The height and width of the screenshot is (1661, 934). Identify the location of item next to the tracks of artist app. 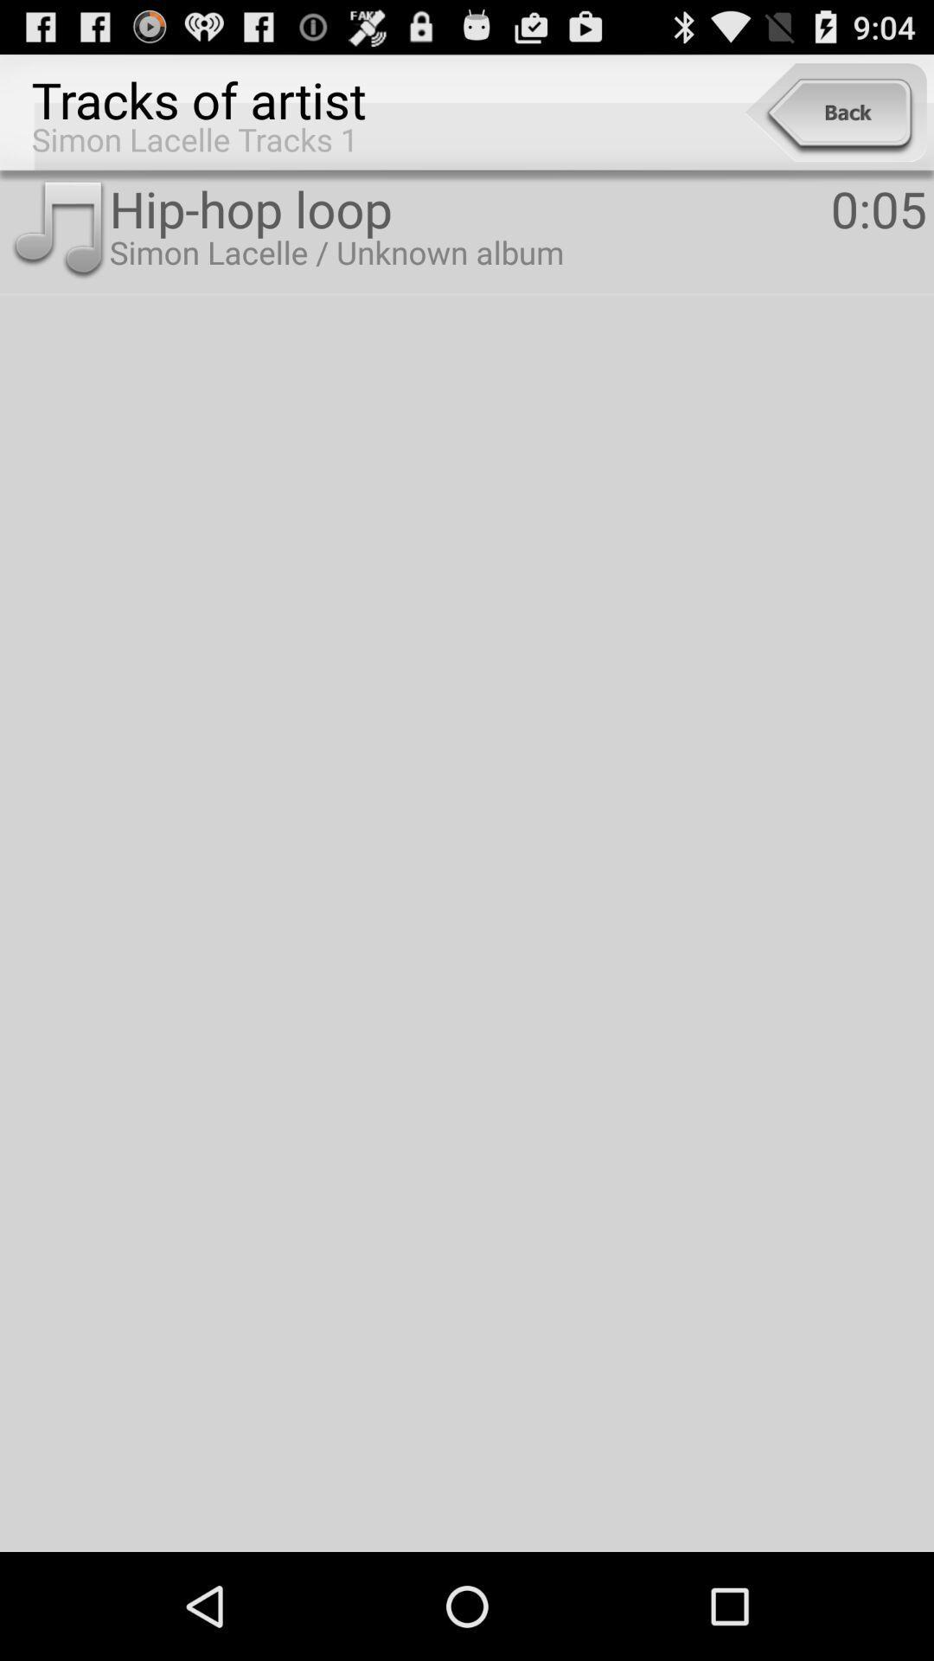
(835, 112).